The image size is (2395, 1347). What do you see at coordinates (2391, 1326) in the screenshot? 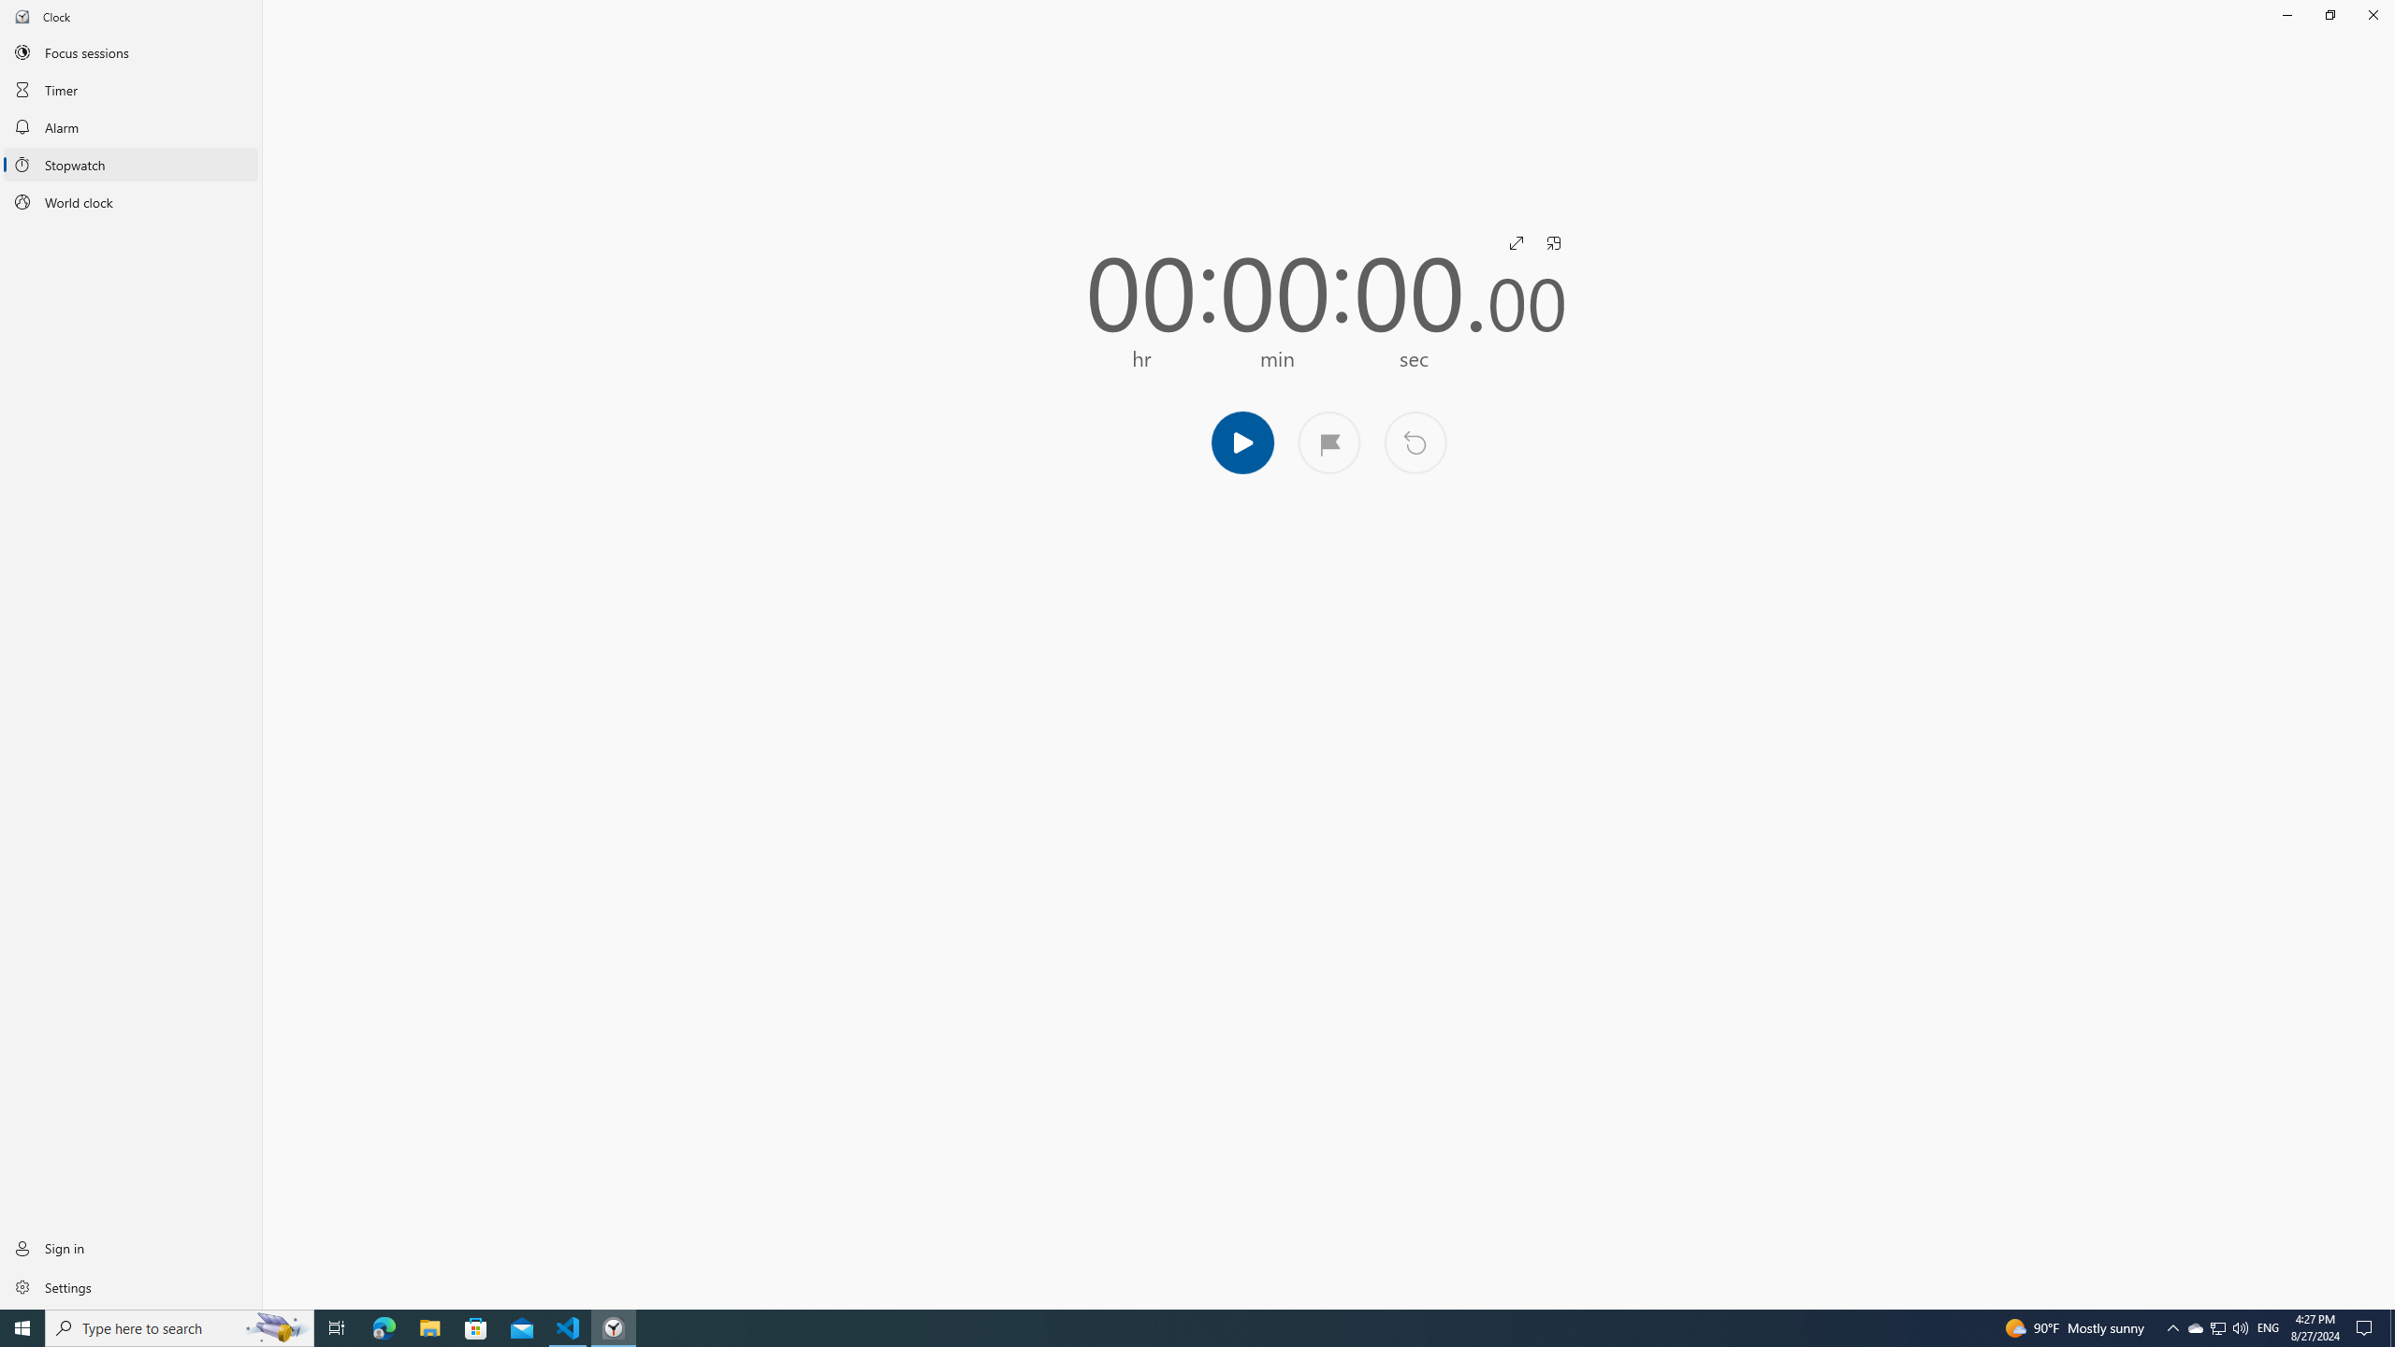
I see `'Show desktop'` at bounding box center [2391, 1326].